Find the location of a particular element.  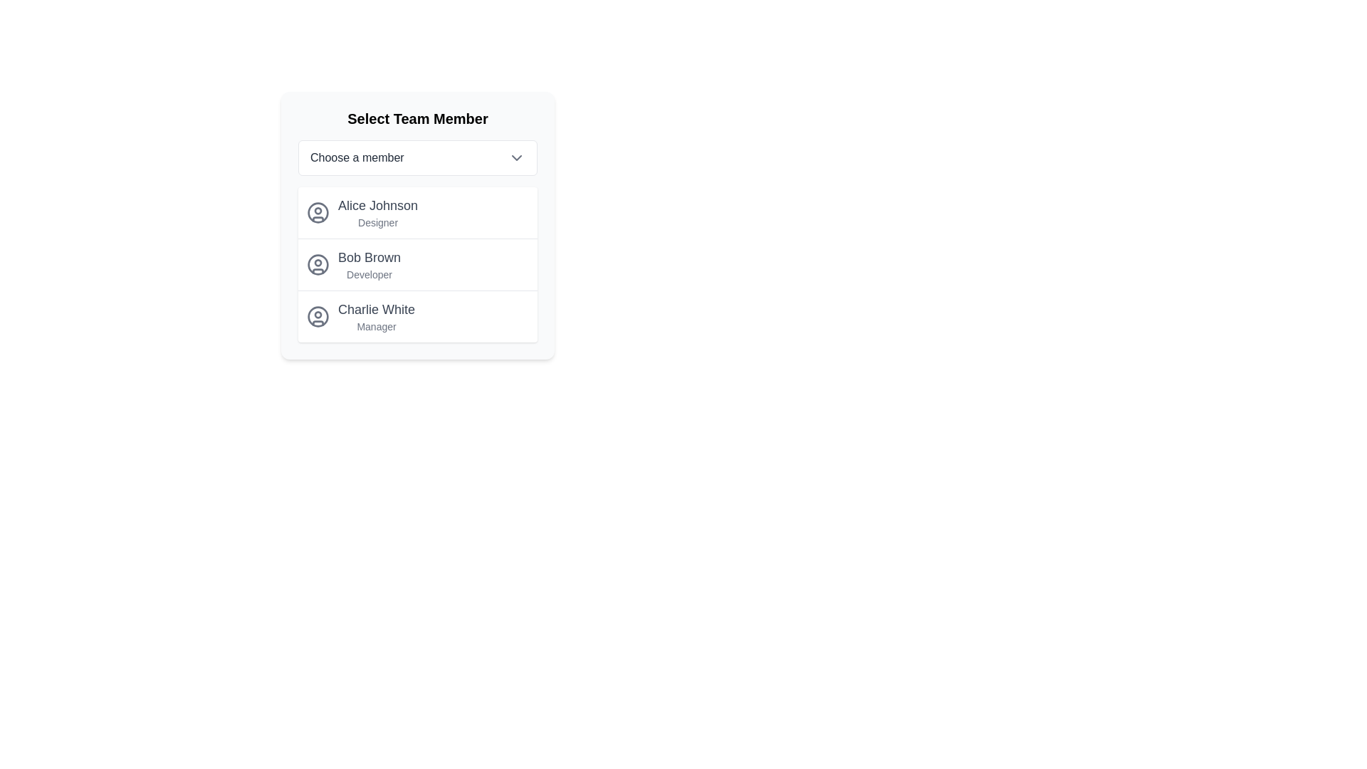

the selectable list item for team member 'Alice Johnson', who is a 'Designer' is located at coordinates (362, 213).